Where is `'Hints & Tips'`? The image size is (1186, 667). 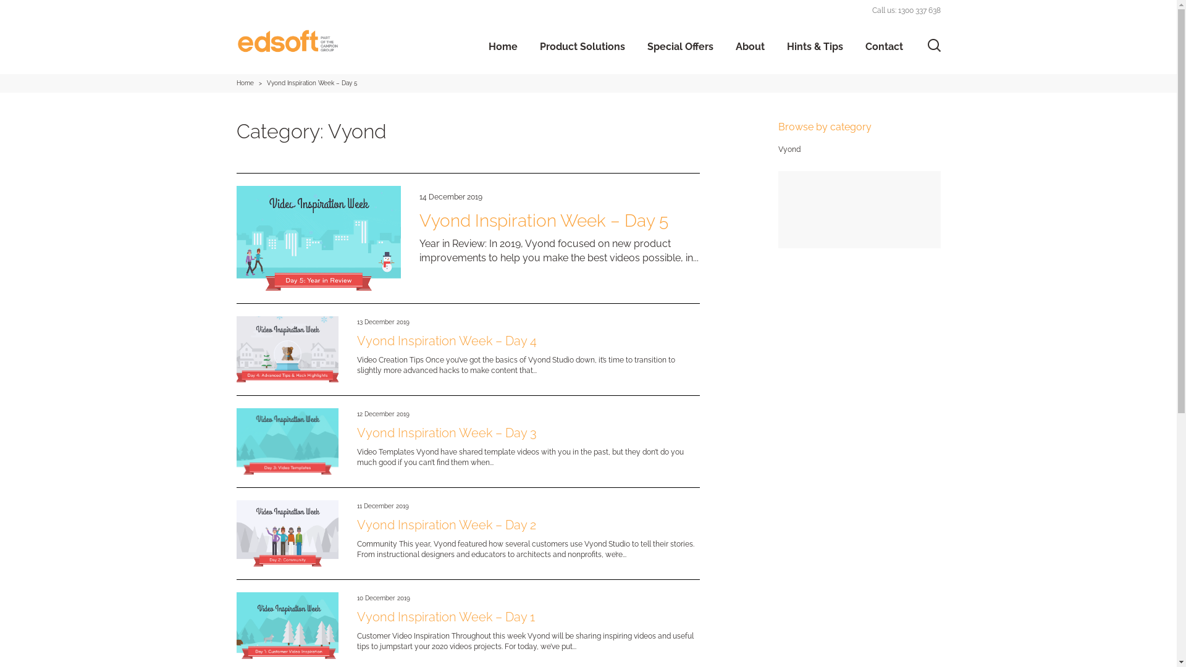 'Hints & Tips' is located at coordinates (786, 46).